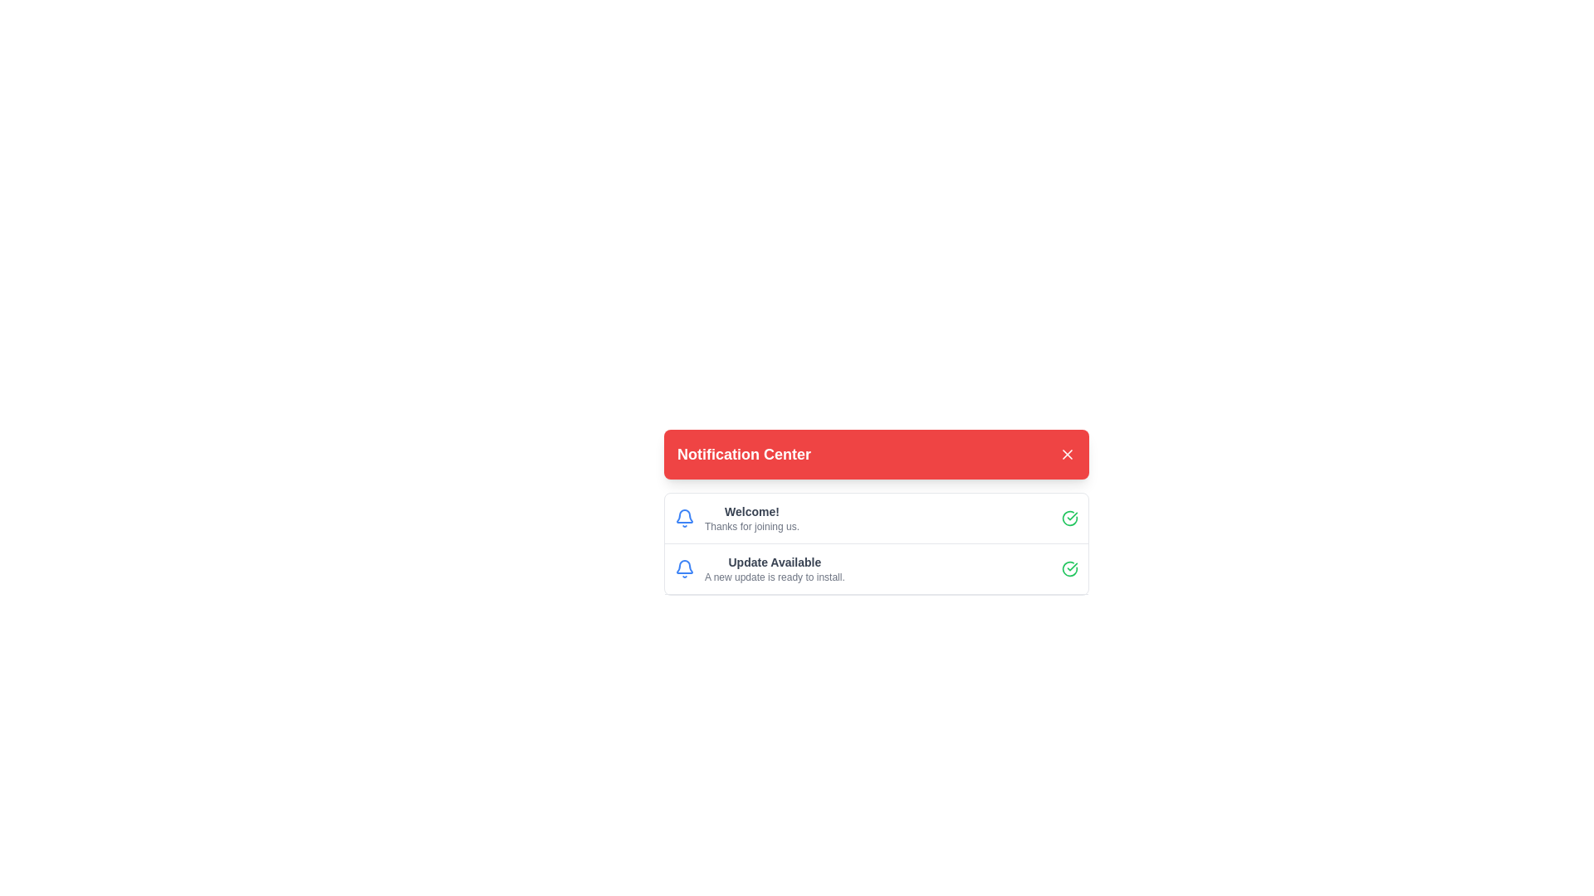 The width and height of the screenshot is (1594, 896). What do you see at coordinates (774, 568) in the screenshot?
I see `the text block notification containing the heading 'Update Available' and the message 'A new update is ready to install.' in the Notification Center` at bounding box center [774, 568].